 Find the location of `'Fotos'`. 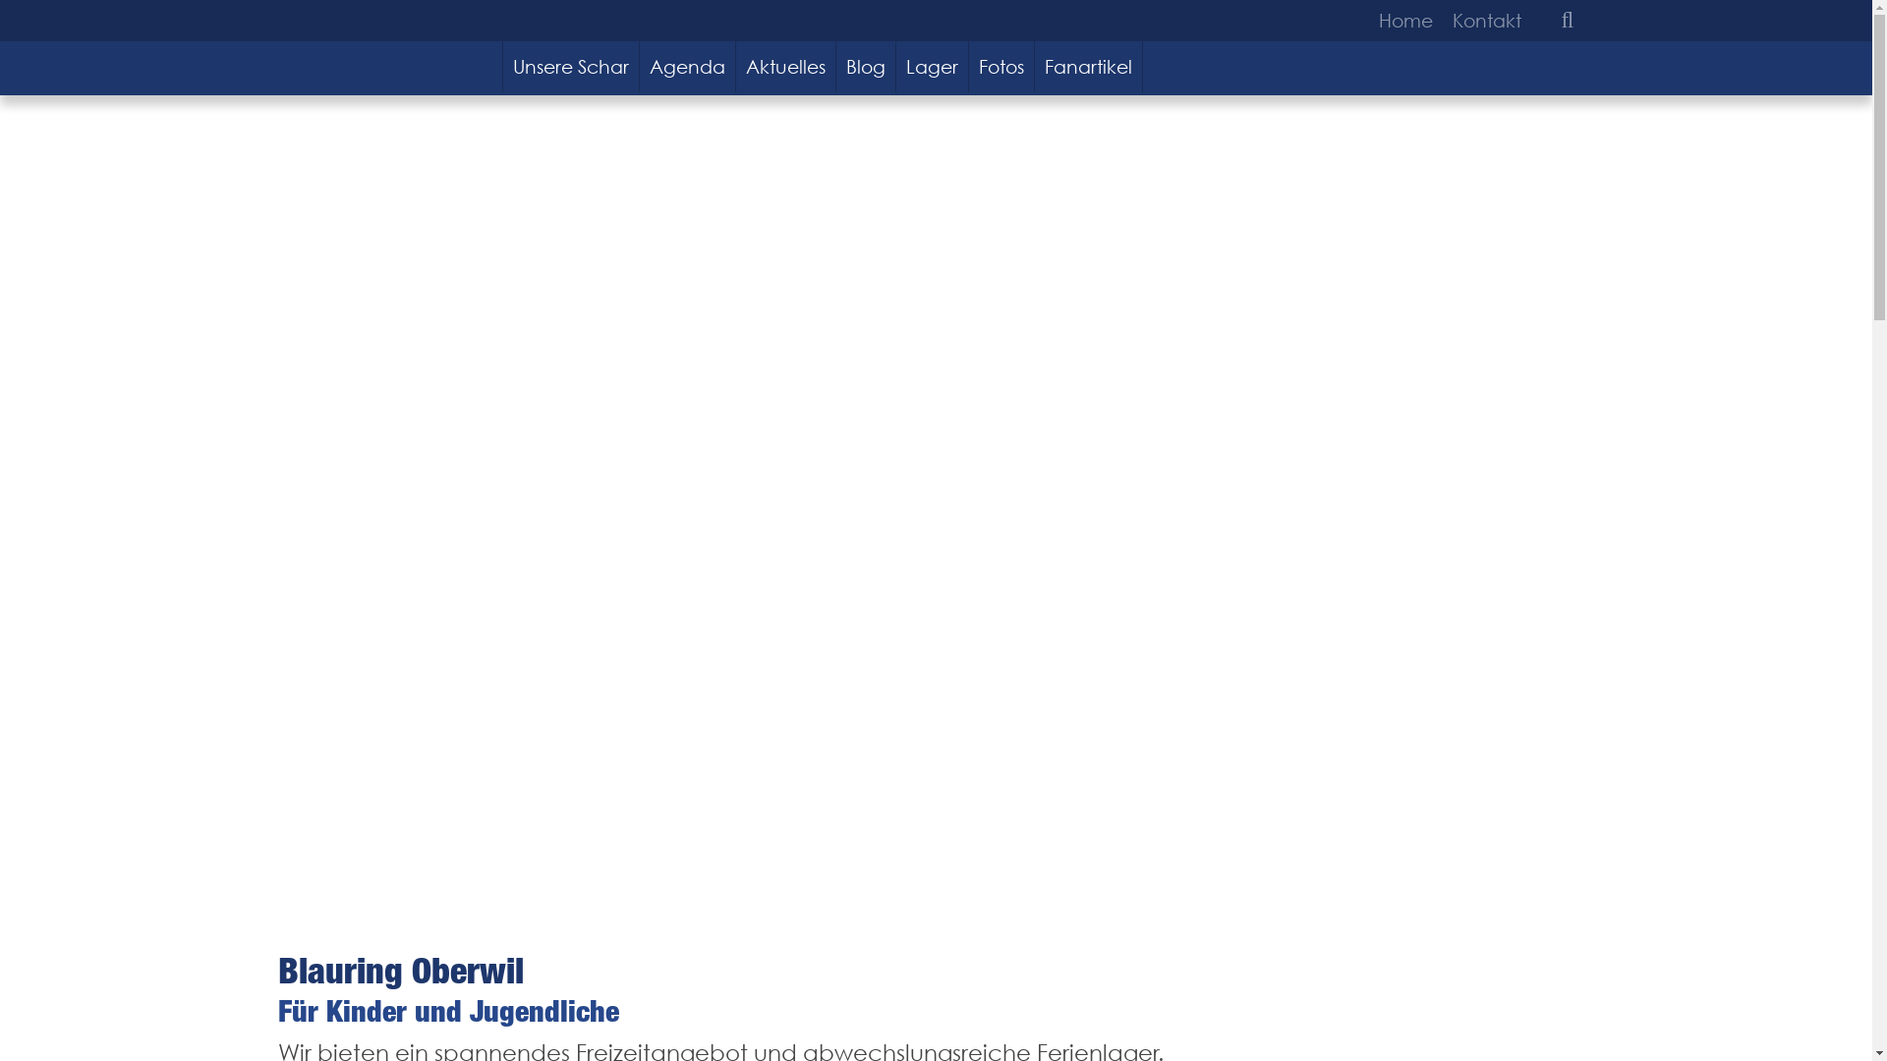

'Fotos' is located at coordinates (1001, 66).